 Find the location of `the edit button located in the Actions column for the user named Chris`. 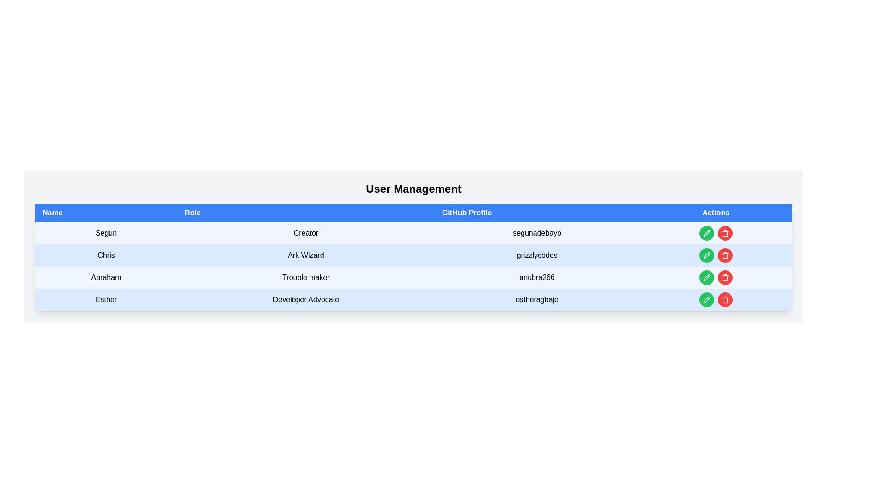

the edit button located in the Actions column for the user named Chris is located at coordinates (706, 255).